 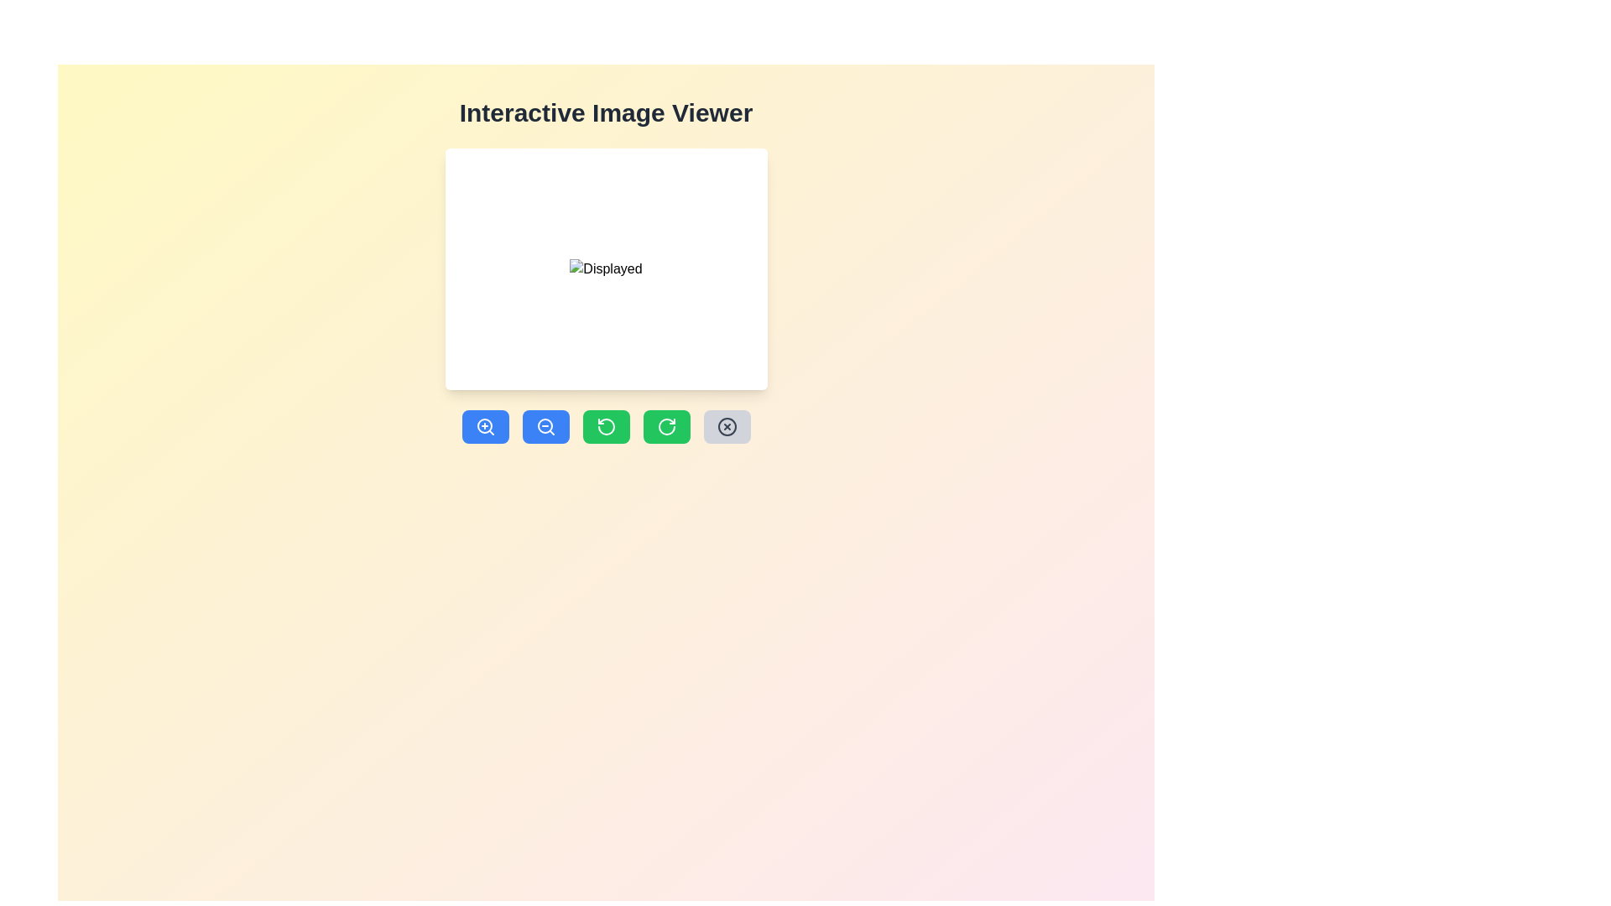 I want to click on the central circular part of the zoom-in icon located on the bottom-left of the button row beneath the image viewer, so click(x=483, y=425).